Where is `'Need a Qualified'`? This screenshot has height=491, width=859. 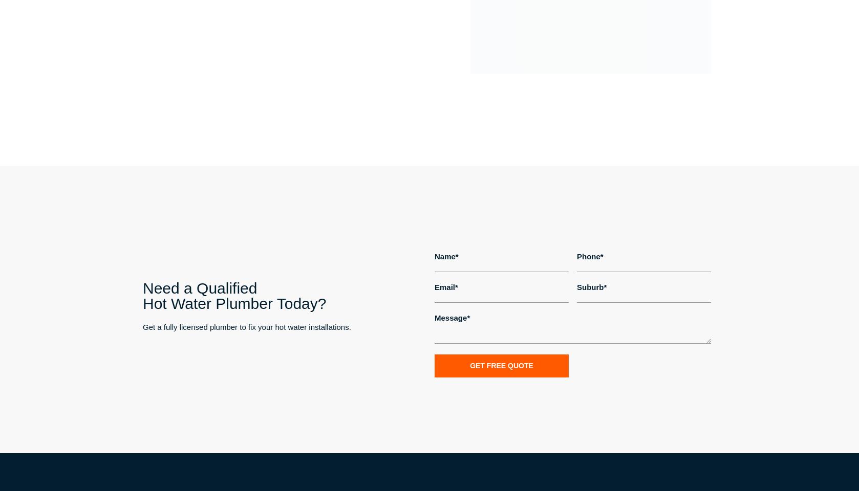 'Need a Qualified' is located at coordinates (200, 288).